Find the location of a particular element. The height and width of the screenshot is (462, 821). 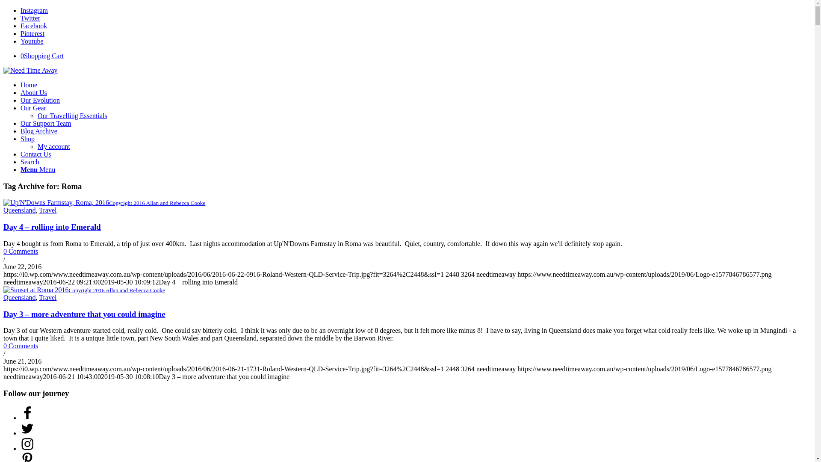

'Contact Us' is located at coordinates (35, 154).